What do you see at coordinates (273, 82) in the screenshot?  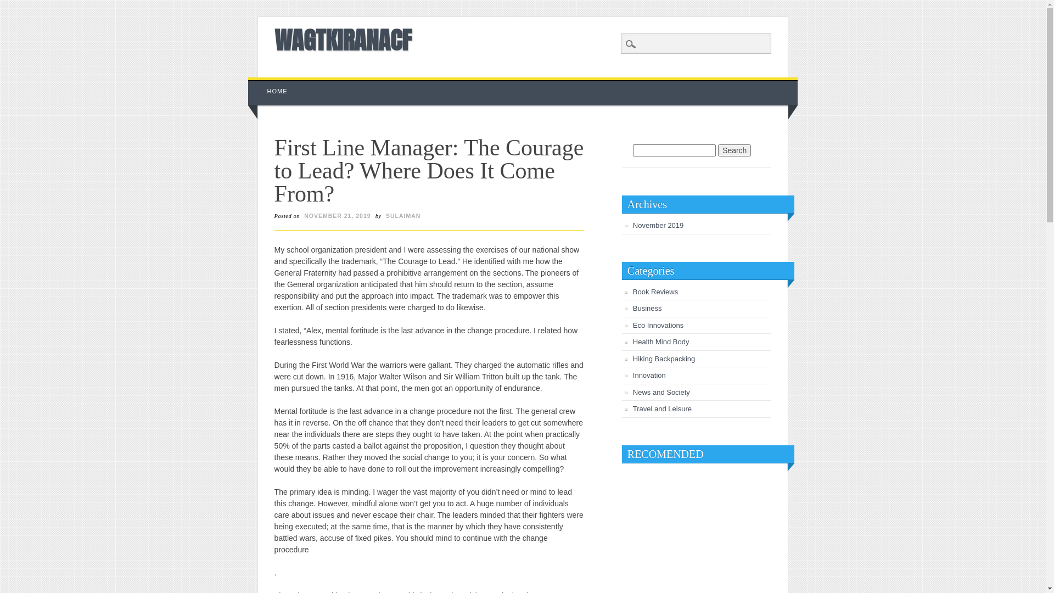 I see `'Skip to content'` at bounding box center [273, 82].